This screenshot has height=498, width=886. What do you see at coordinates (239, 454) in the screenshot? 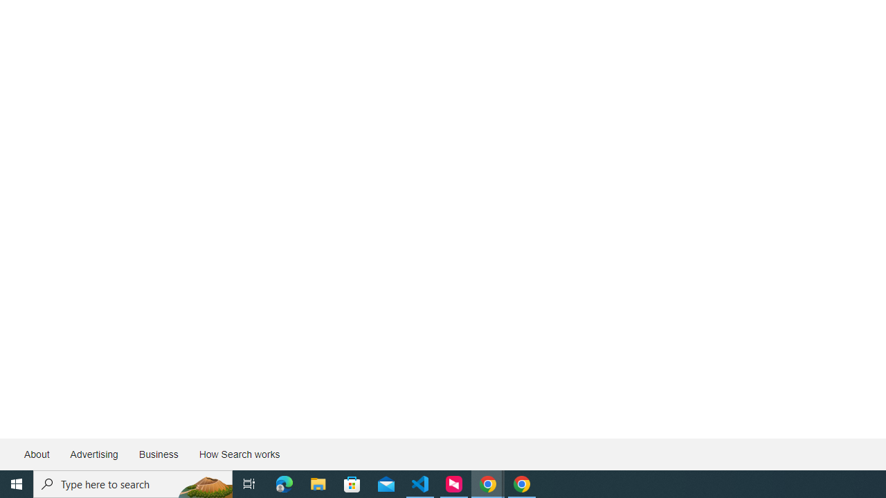
I see `'How Search works'` at bounding box center [239, 454].